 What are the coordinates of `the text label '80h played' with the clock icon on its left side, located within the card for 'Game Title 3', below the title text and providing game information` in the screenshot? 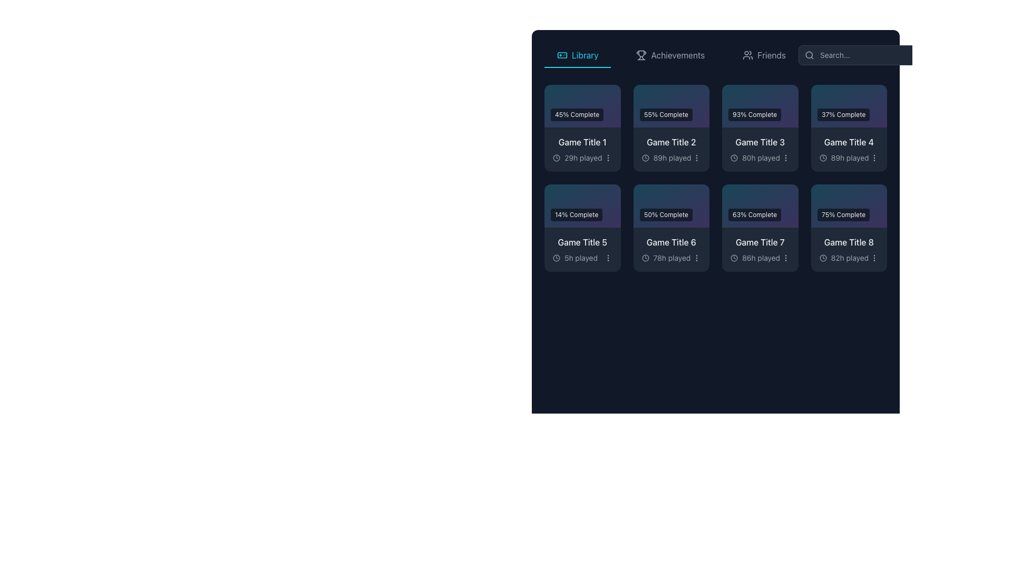 It's located at (754, 158).